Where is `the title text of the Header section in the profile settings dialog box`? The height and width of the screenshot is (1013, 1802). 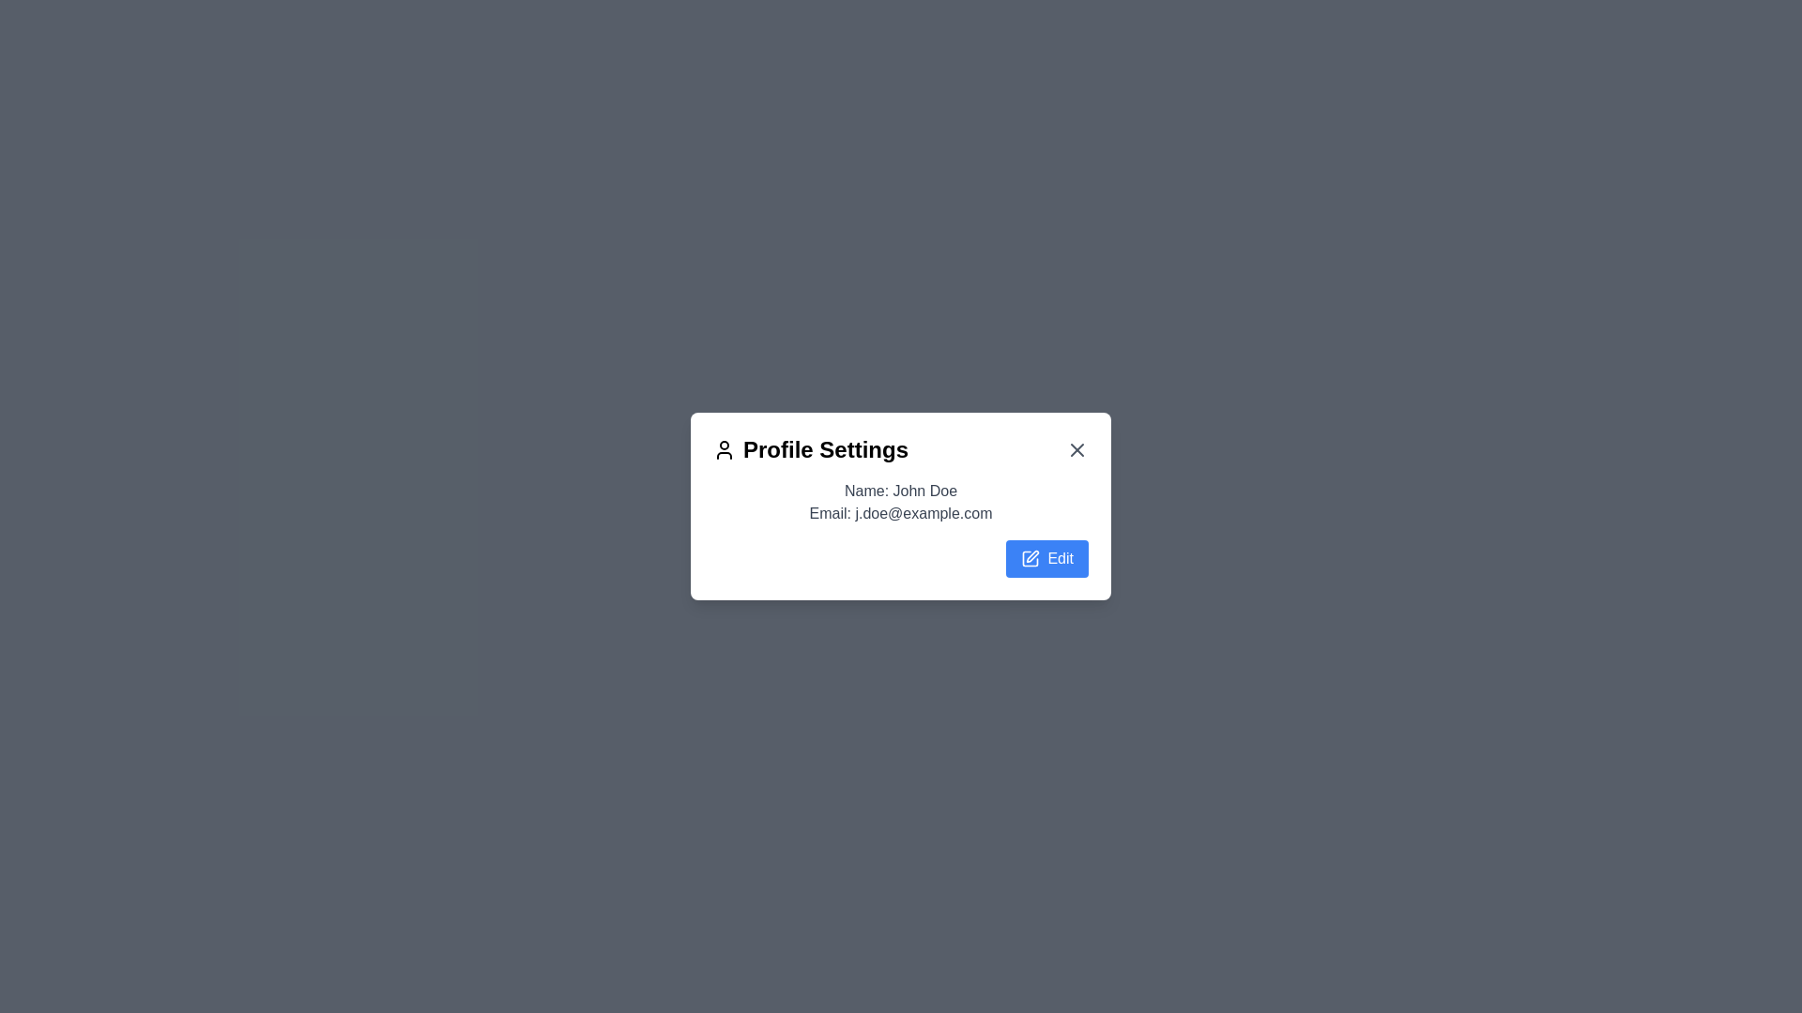
the title text of the Header section in the profile settings dialog box is located at coordinates (901, 449).